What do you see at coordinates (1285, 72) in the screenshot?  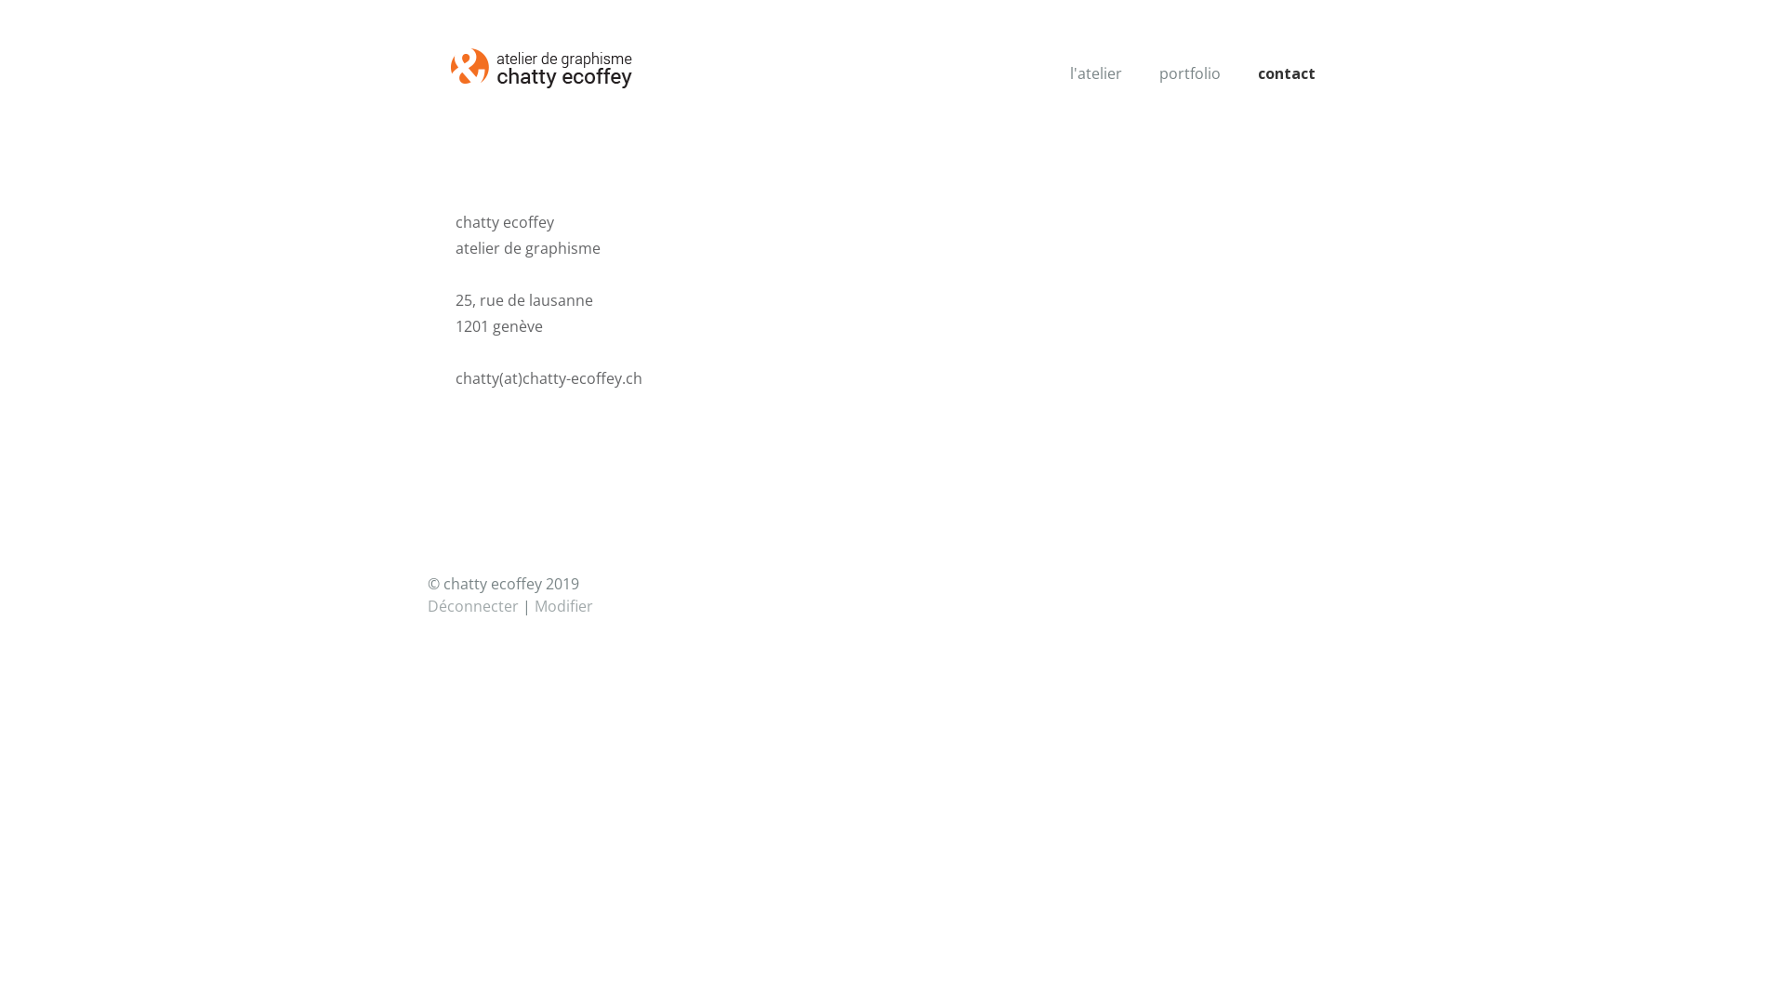 I see `'contact'` at bounding box center [1285, 72].